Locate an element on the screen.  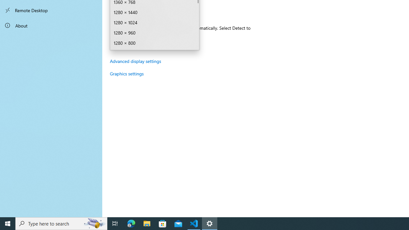
'About' is located at coordinates (51, 25).